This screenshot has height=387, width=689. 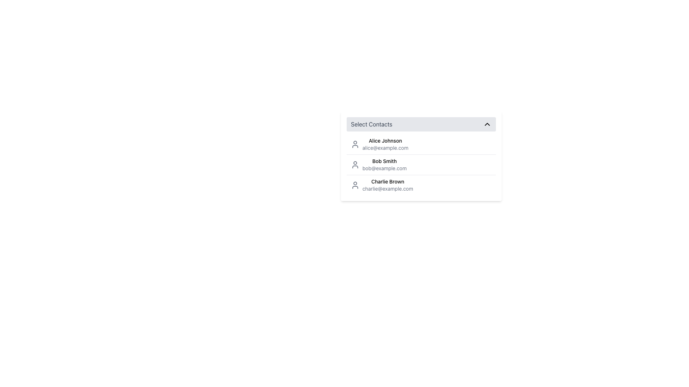 I want to click on the text display field, so click(x=384, y=164).